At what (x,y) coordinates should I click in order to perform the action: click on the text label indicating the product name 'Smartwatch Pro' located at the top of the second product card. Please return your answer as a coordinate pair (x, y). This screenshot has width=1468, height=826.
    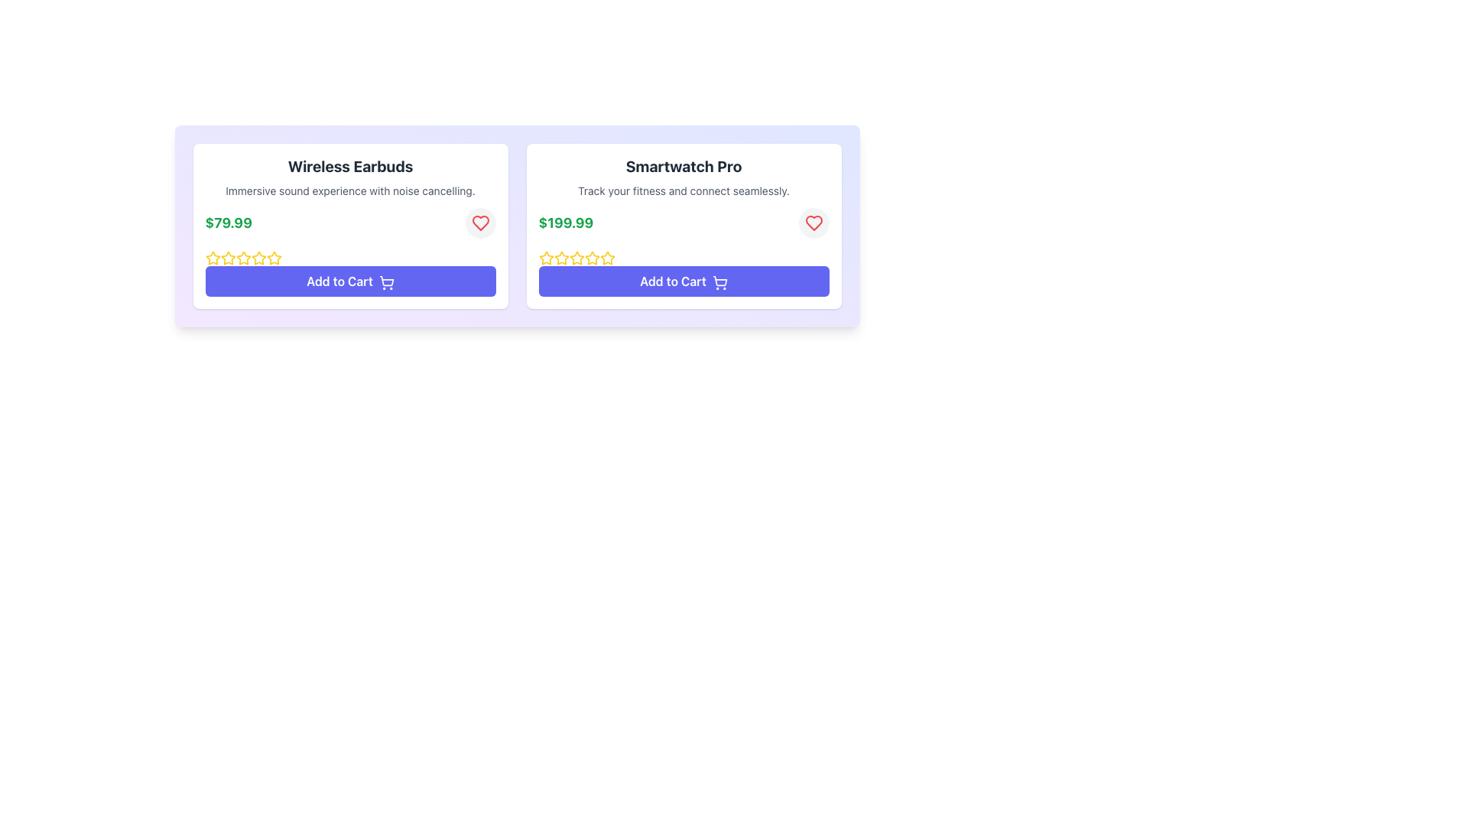
    Looking at the image, I should click on (683, 167).